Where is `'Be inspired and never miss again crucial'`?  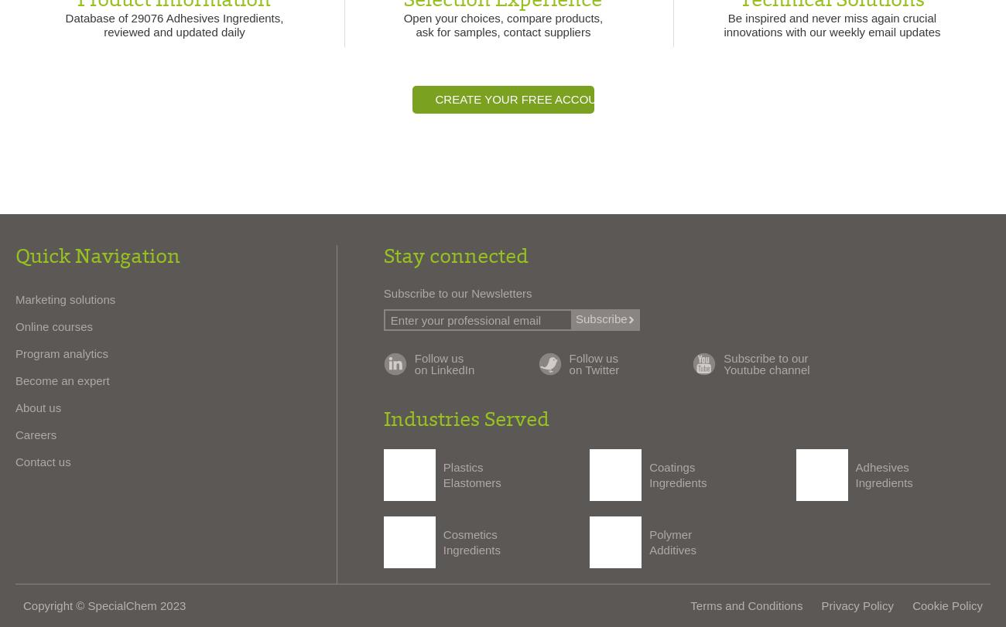
'Be inspired and never miss again crucial' is located at coordinates (831, 18).